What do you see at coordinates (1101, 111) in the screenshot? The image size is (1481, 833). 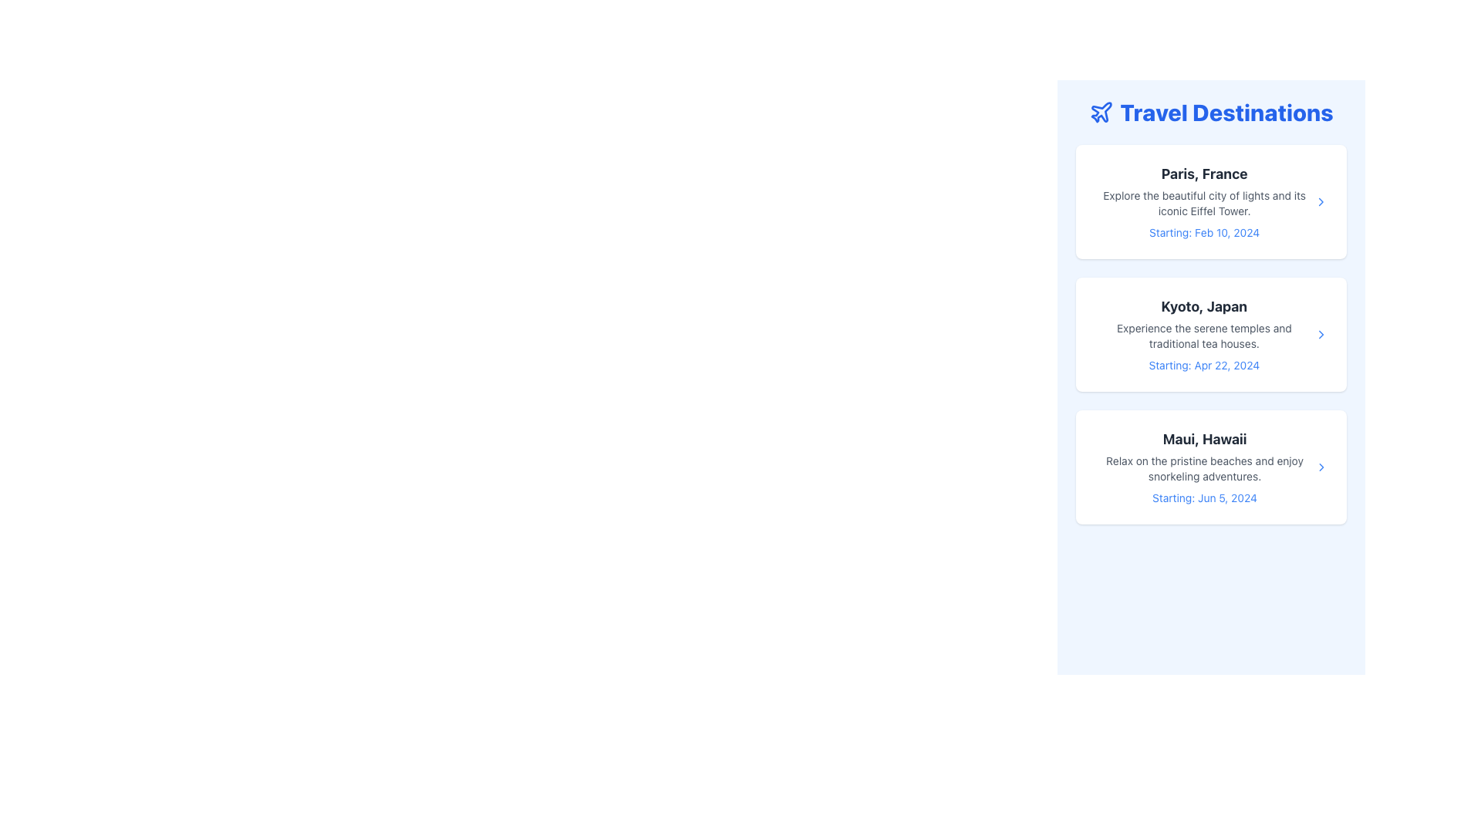 I see `the blue airplane icon located to the left of the 'Travel Destinations' header in the sidebar` at bounding box center [1101, 111].